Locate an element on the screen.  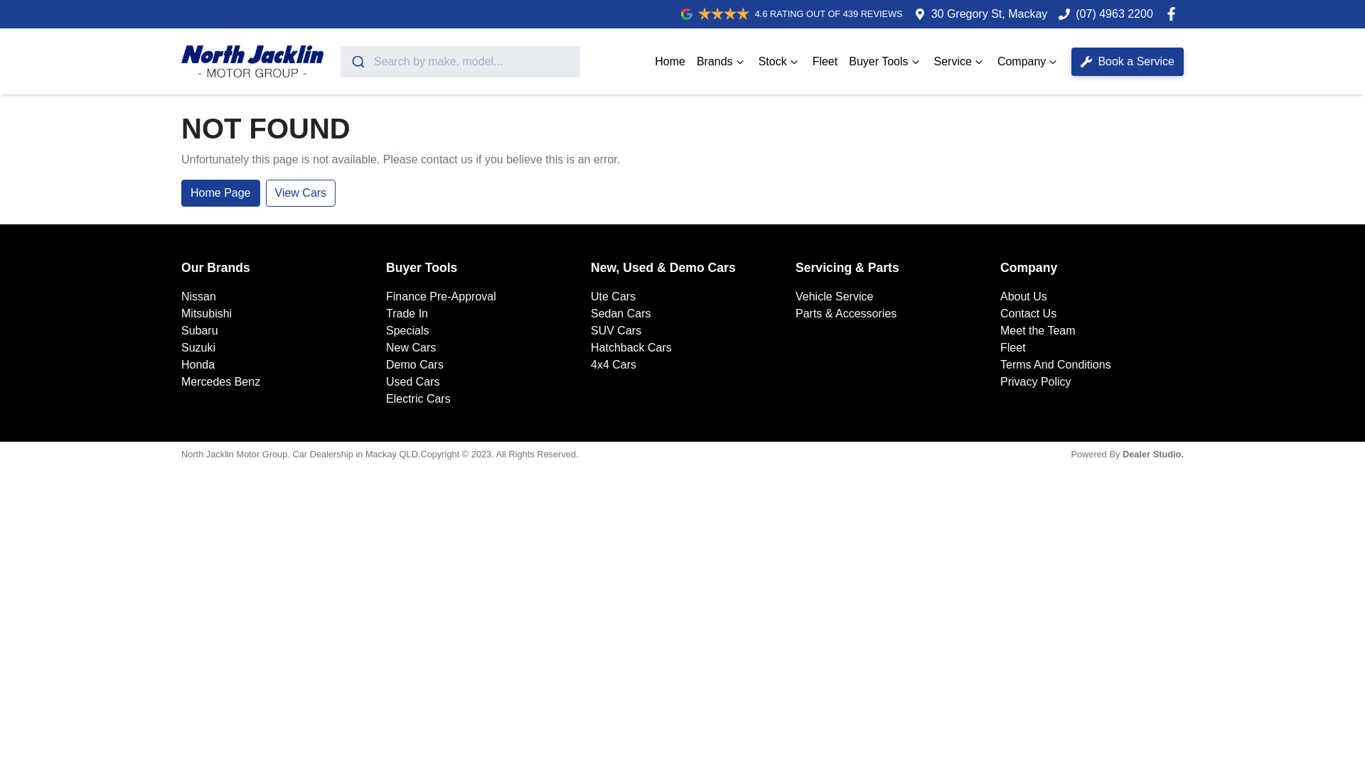
'Buyer Tools' is located at coordinates (884, 60).